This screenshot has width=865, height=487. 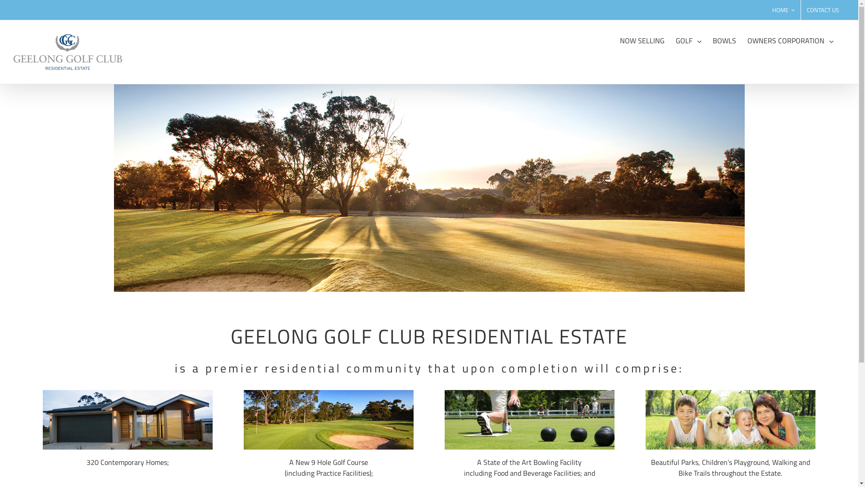 What do you see at coordinates (642, 39) in the screenshot?
I see `'NOW SELLING'` at bounding box center [642, 39].